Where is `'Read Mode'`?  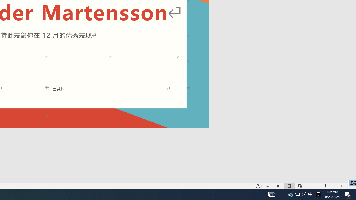
'Read Mode' is located at coordinates (278, 186).